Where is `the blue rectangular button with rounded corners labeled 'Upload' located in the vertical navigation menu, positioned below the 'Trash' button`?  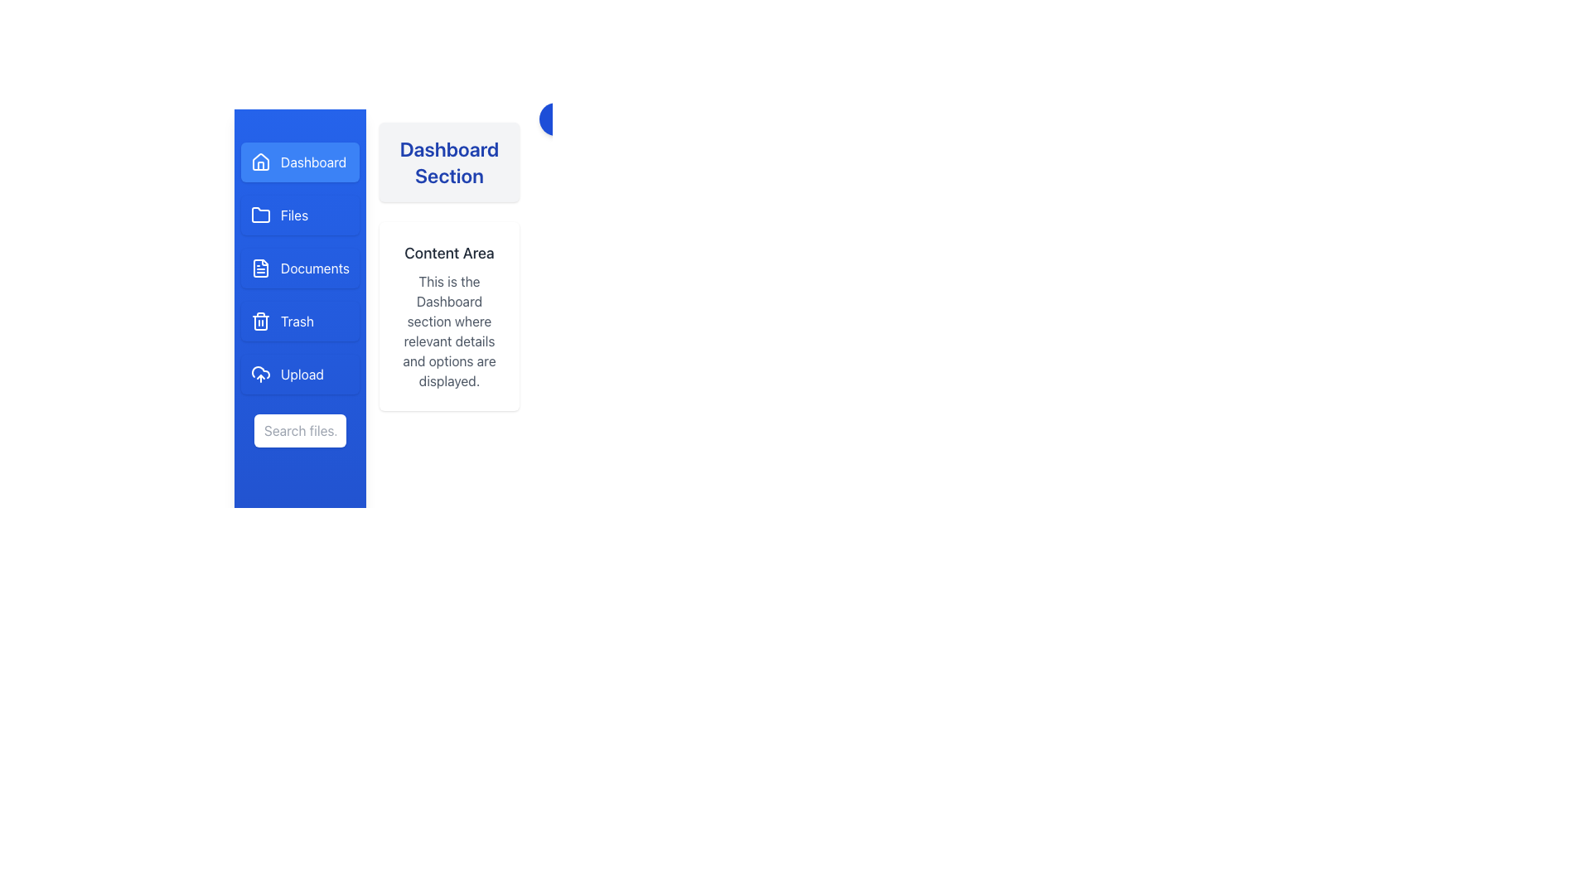
the blue rectangular button with rounded corners labeled 'Upload' located in the vertical navigation menu, positioned below the 'Trash' button is located at coordinates (300, 374).